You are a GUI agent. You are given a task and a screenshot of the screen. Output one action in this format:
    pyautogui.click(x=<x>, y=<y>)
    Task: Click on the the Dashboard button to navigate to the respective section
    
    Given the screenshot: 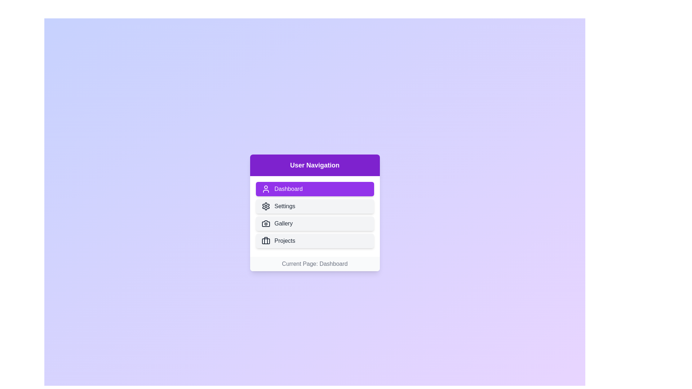 What is the action you would take?
    pyautogui.click(x=315, y=188)
    